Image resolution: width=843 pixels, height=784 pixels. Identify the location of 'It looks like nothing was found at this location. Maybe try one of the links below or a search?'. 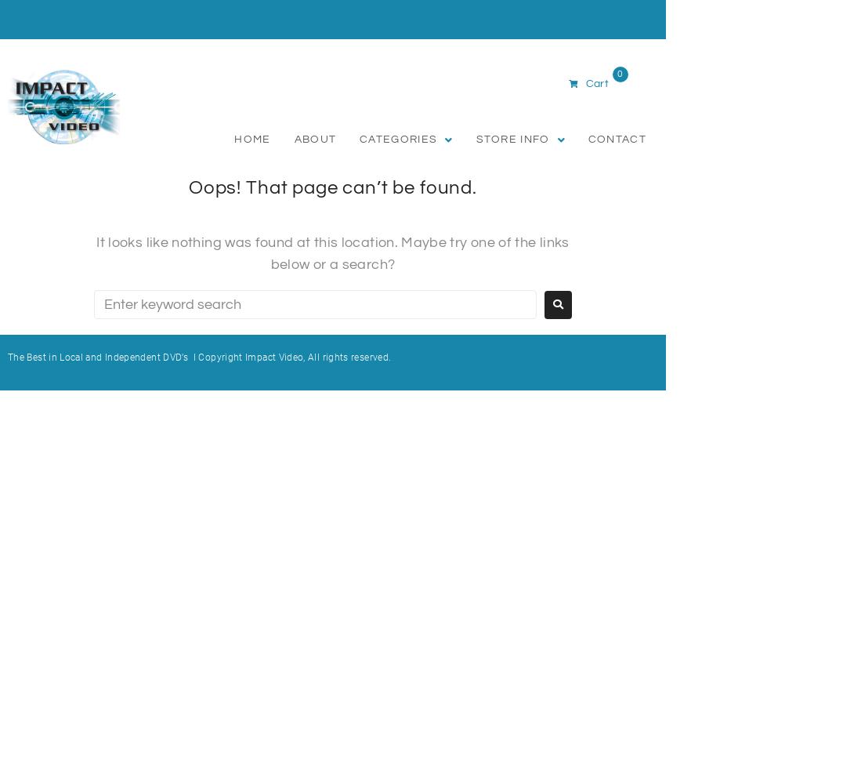
(332, 252).